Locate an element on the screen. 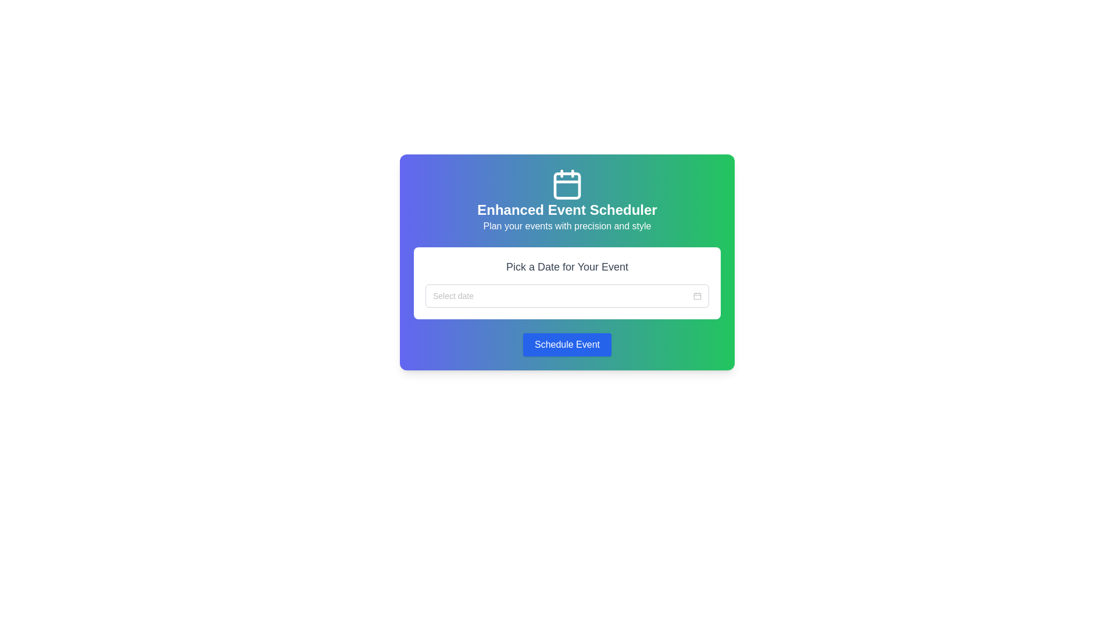 The height and width of the screenshot is (627, 1116). the calendar icon located at the far right of the 'Pick a Date for Your Event' input field is located at coordinates (697, 295).